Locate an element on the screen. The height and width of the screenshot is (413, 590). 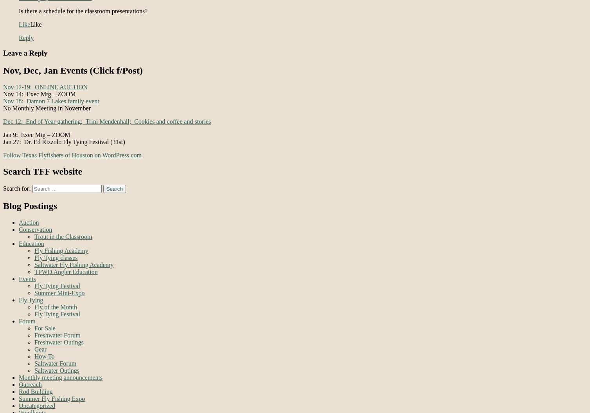
'Education' is located at coordinates (31, 243).